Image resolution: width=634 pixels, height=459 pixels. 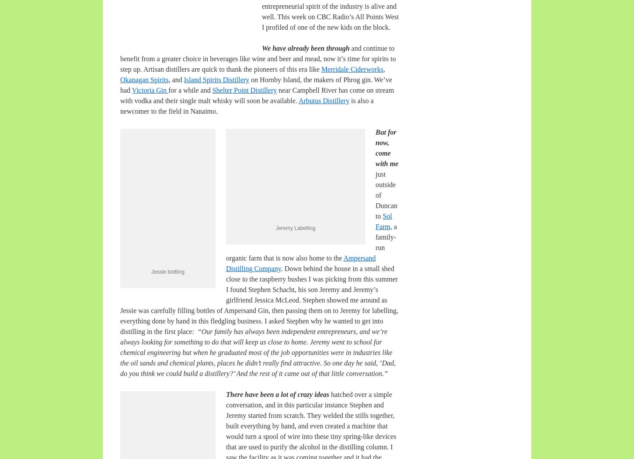 What do you see at coordinates (257, 95) in the screenshot?
I see `'near Campbell River has come on stream with vodka and their single malt whisky will soon be available.'` at bounding box center [257, 95].